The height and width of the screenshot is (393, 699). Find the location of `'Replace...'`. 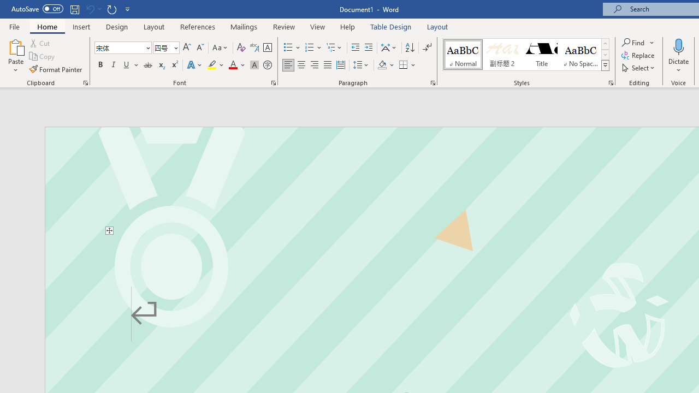

'Replace...' is located at coordinates (638, 55).